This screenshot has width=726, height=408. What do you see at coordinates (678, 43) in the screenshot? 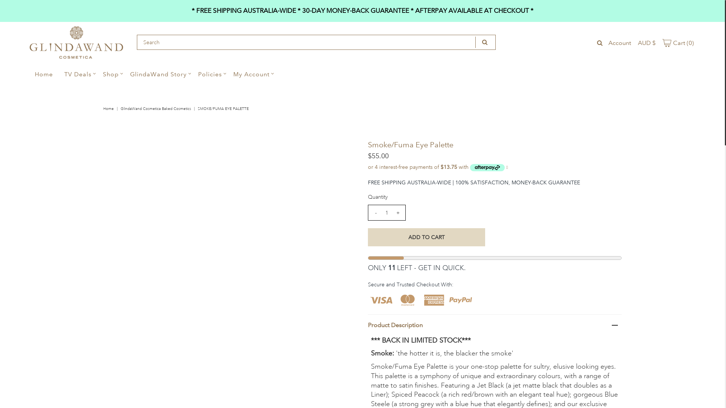
I see `'Cart (0)'` at bounding box center [678, 43].